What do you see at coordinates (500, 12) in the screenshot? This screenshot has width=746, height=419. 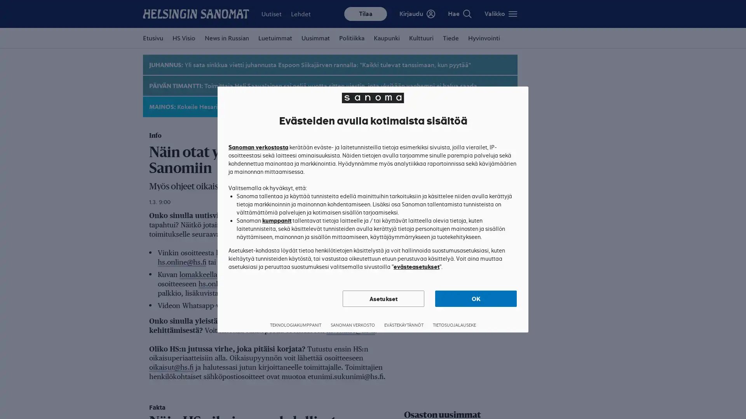 I see `Tallenna` at bounding box center [500, 12].